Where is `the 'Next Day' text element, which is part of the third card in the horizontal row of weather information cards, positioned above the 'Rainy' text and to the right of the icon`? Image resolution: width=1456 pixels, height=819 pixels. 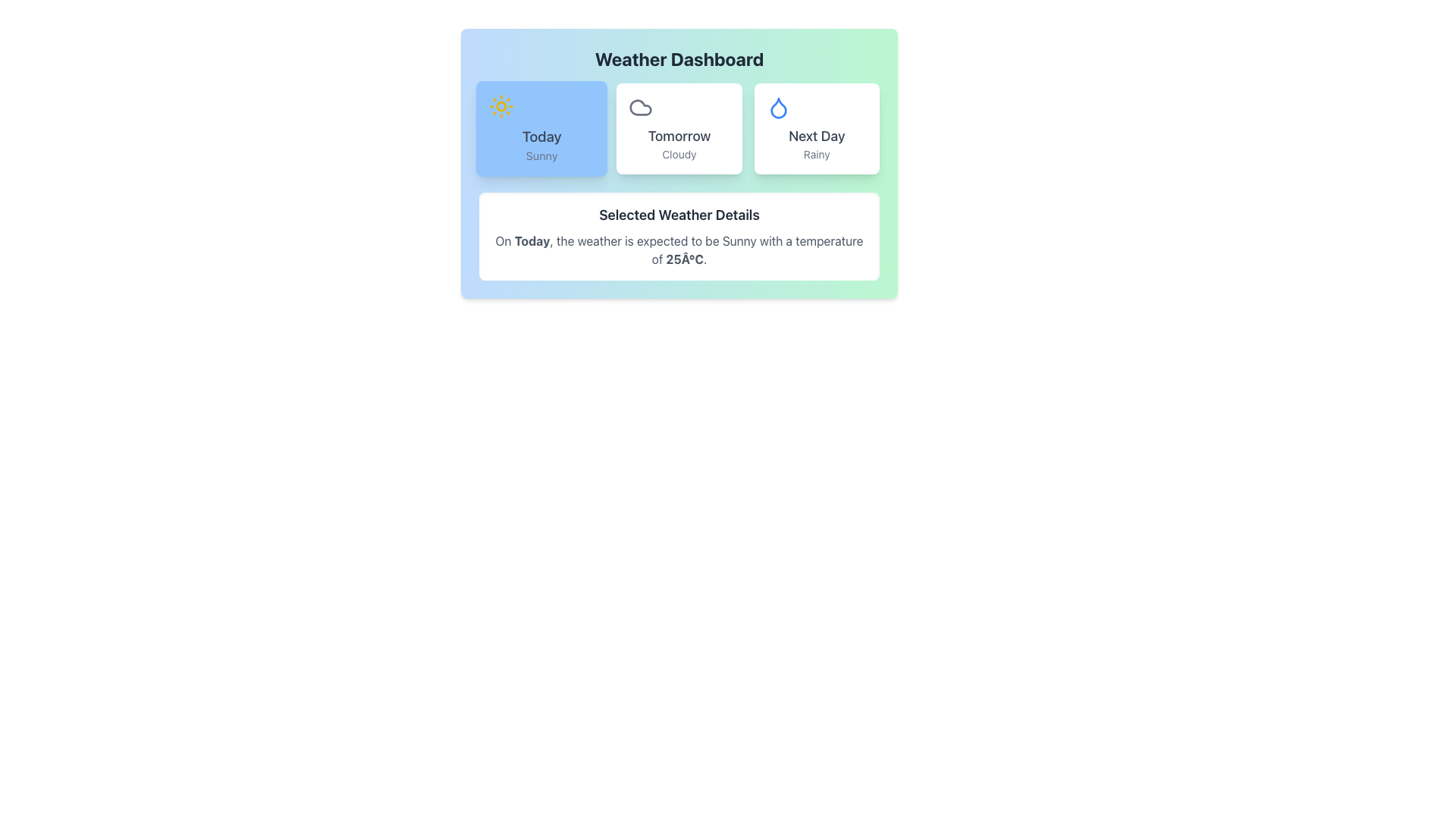 the 'Next Day' text element, which is part of the third card in the horizontal row of weather information cards, positioned above the 'Rainy' text and to the right of the icon is located at coordinates (816, 136).